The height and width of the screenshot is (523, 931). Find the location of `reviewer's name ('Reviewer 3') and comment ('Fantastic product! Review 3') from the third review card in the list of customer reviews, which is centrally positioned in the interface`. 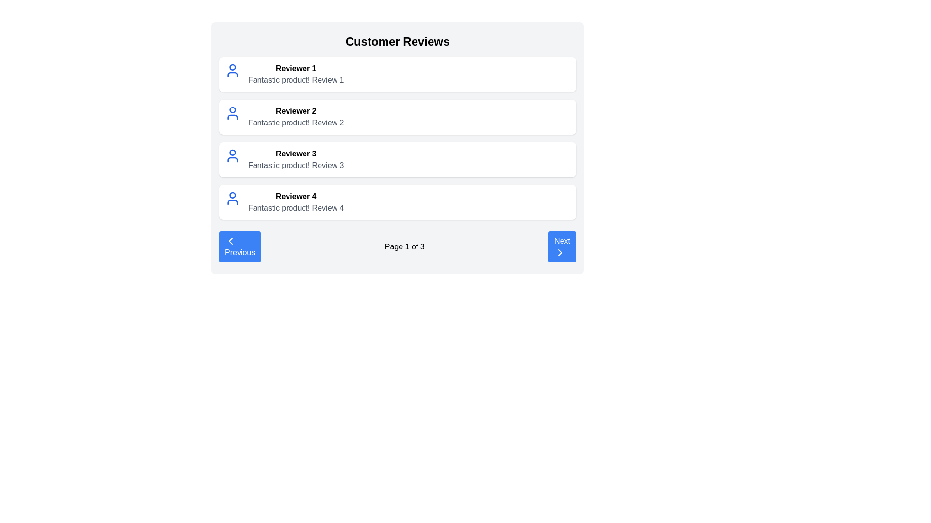

reviewer's name ('Reviewer 3') and comment ('Fantastic product! Review 3') from the third review card in the list of customer reviews, which is centrally positioned in the interface is located at coordinates (398, 148).